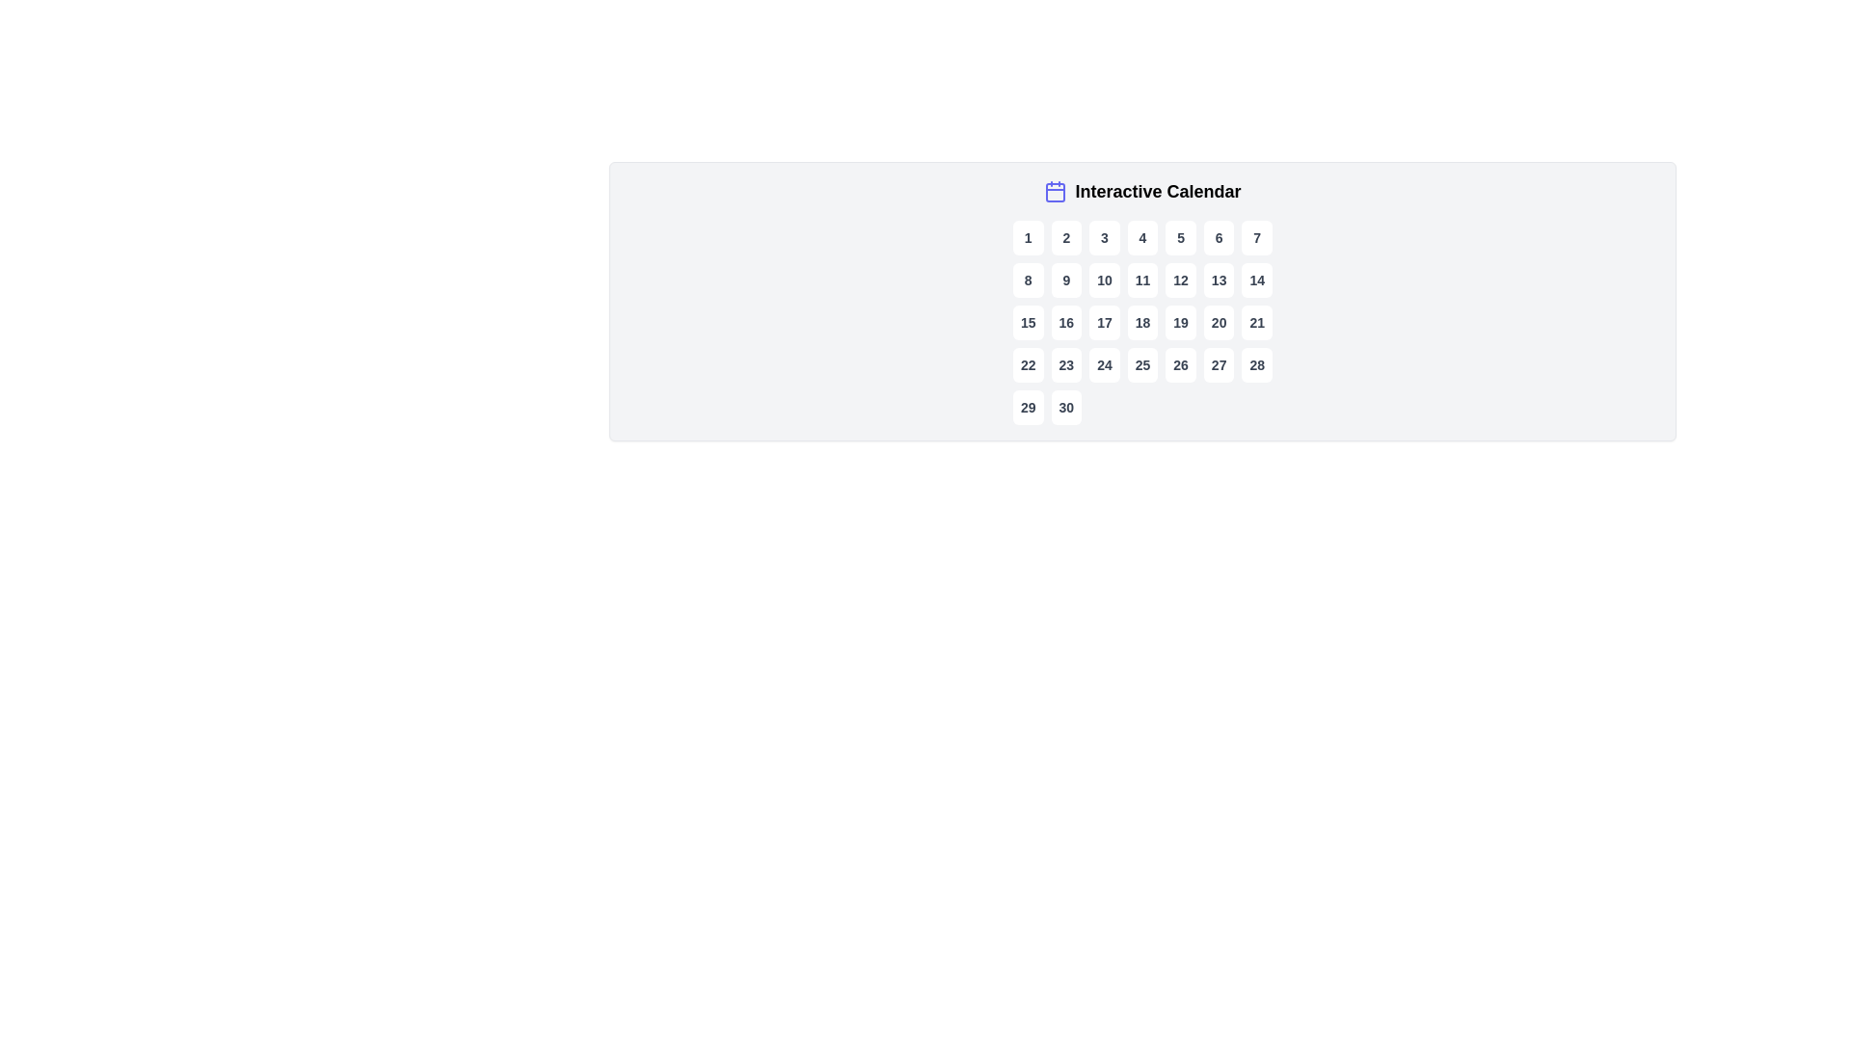 Image resolution: width=1851 pixels, height=1041 pixels. I want to click on the selectable date button in the interactive calendar, which is the third item in the third row of a seven-column grid layout, so click(1104, 322).